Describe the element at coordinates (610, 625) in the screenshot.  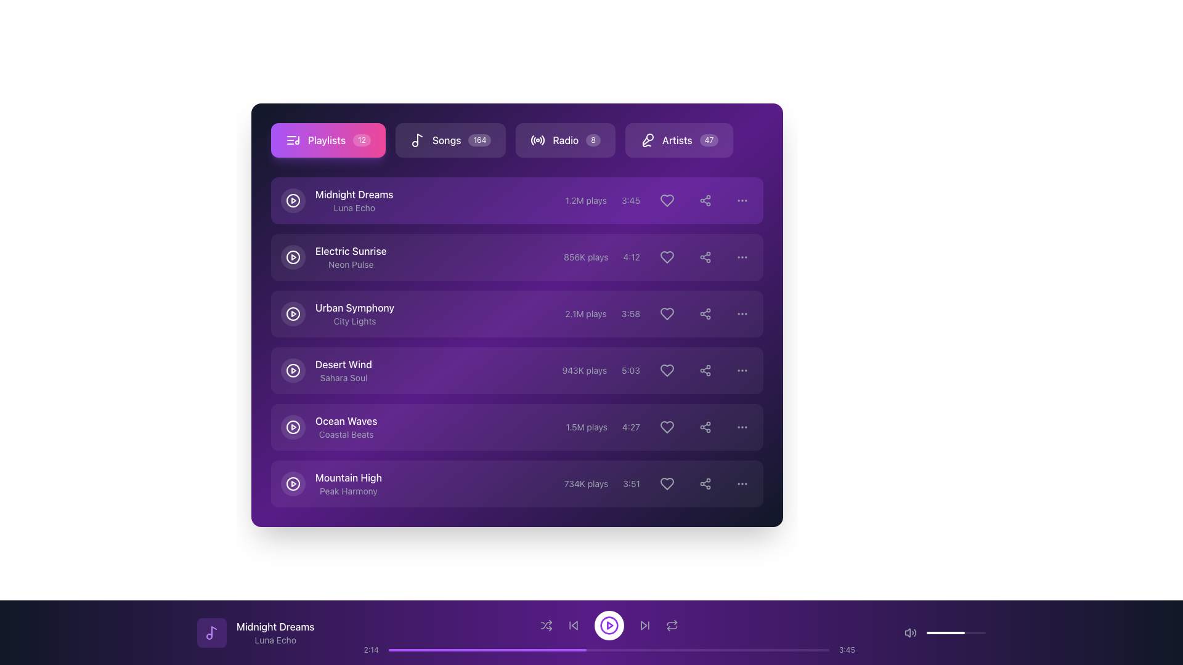
I see `the circular playback icon located at the bottom of the interface to initiate playback` at that location.